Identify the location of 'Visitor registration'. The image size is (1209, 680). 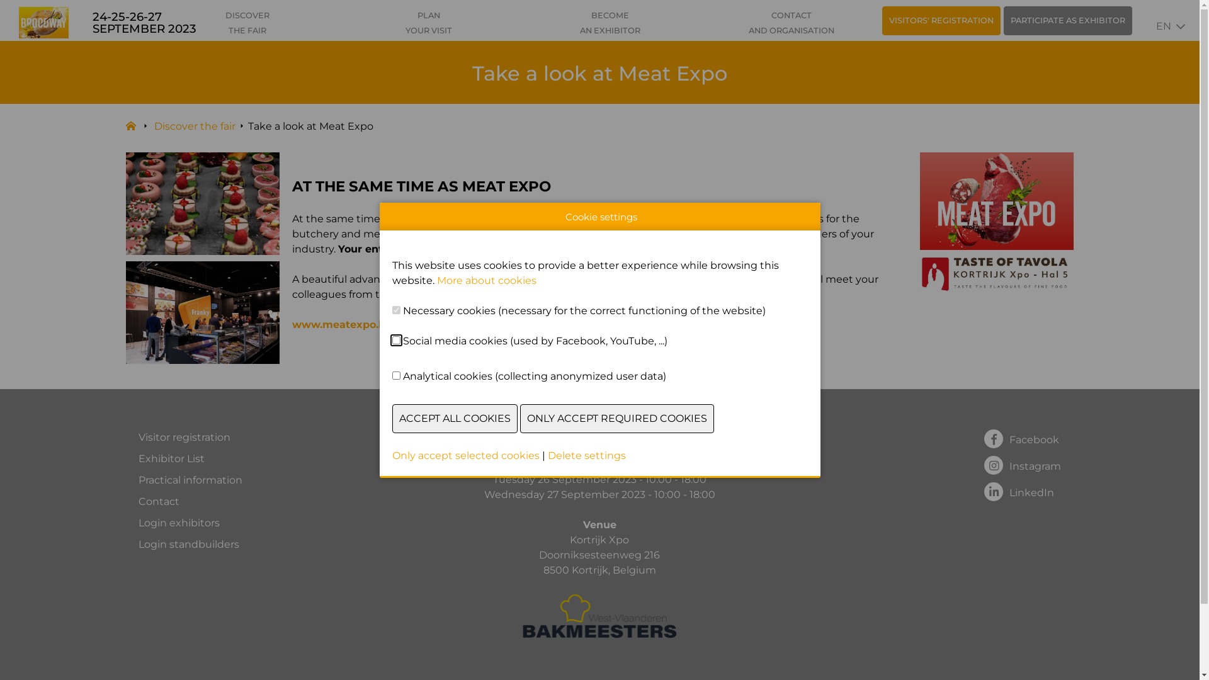
(139, 436).